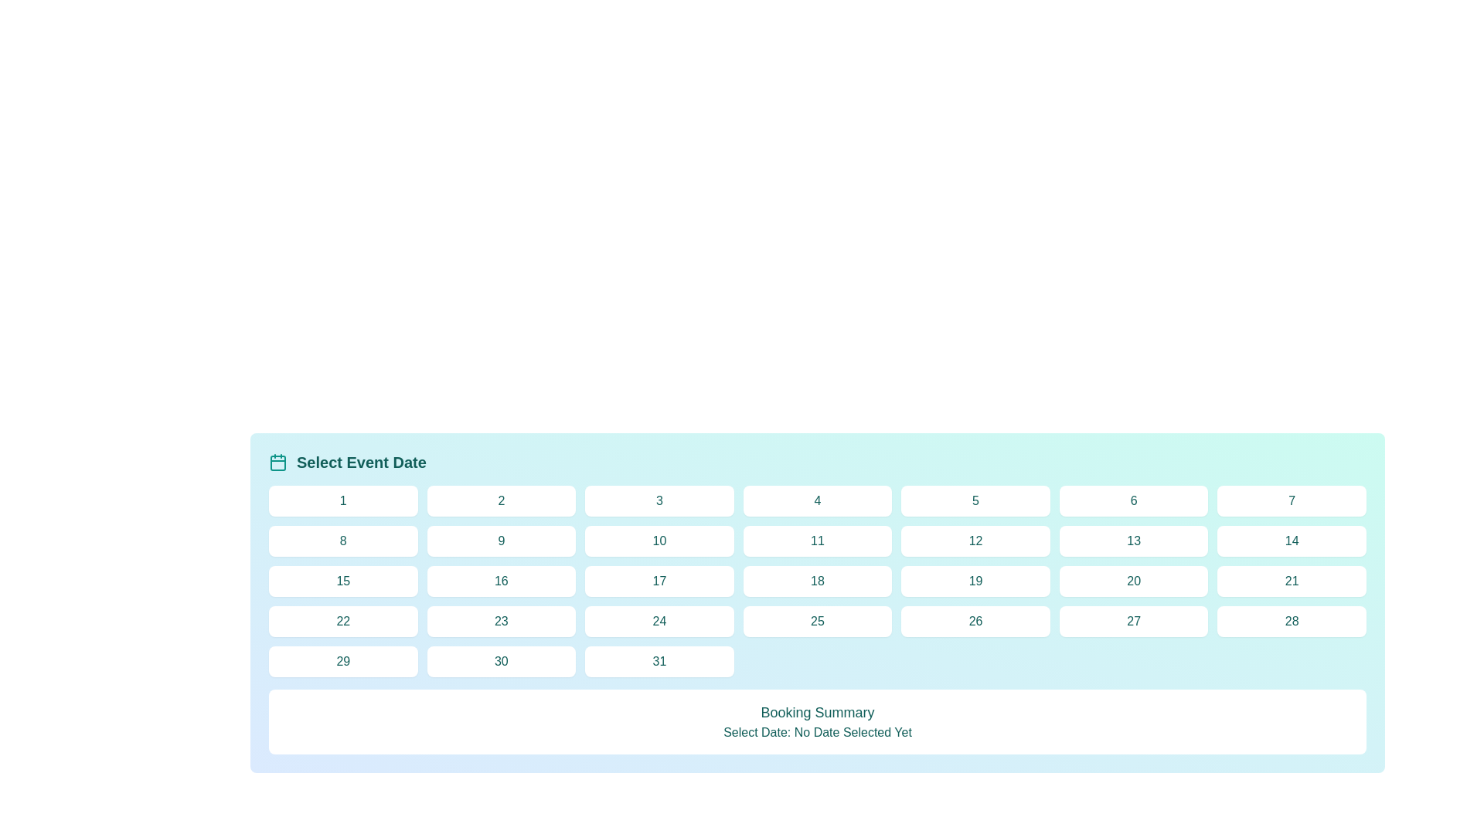 This screenshot has width=1484, height=834. Describe the element at coordinates (816, 581) in the screenshot. I see `the day selection button in the calendar interface located in the third row and fourth column of the grid, allowing for keyboard navigation` at that location.